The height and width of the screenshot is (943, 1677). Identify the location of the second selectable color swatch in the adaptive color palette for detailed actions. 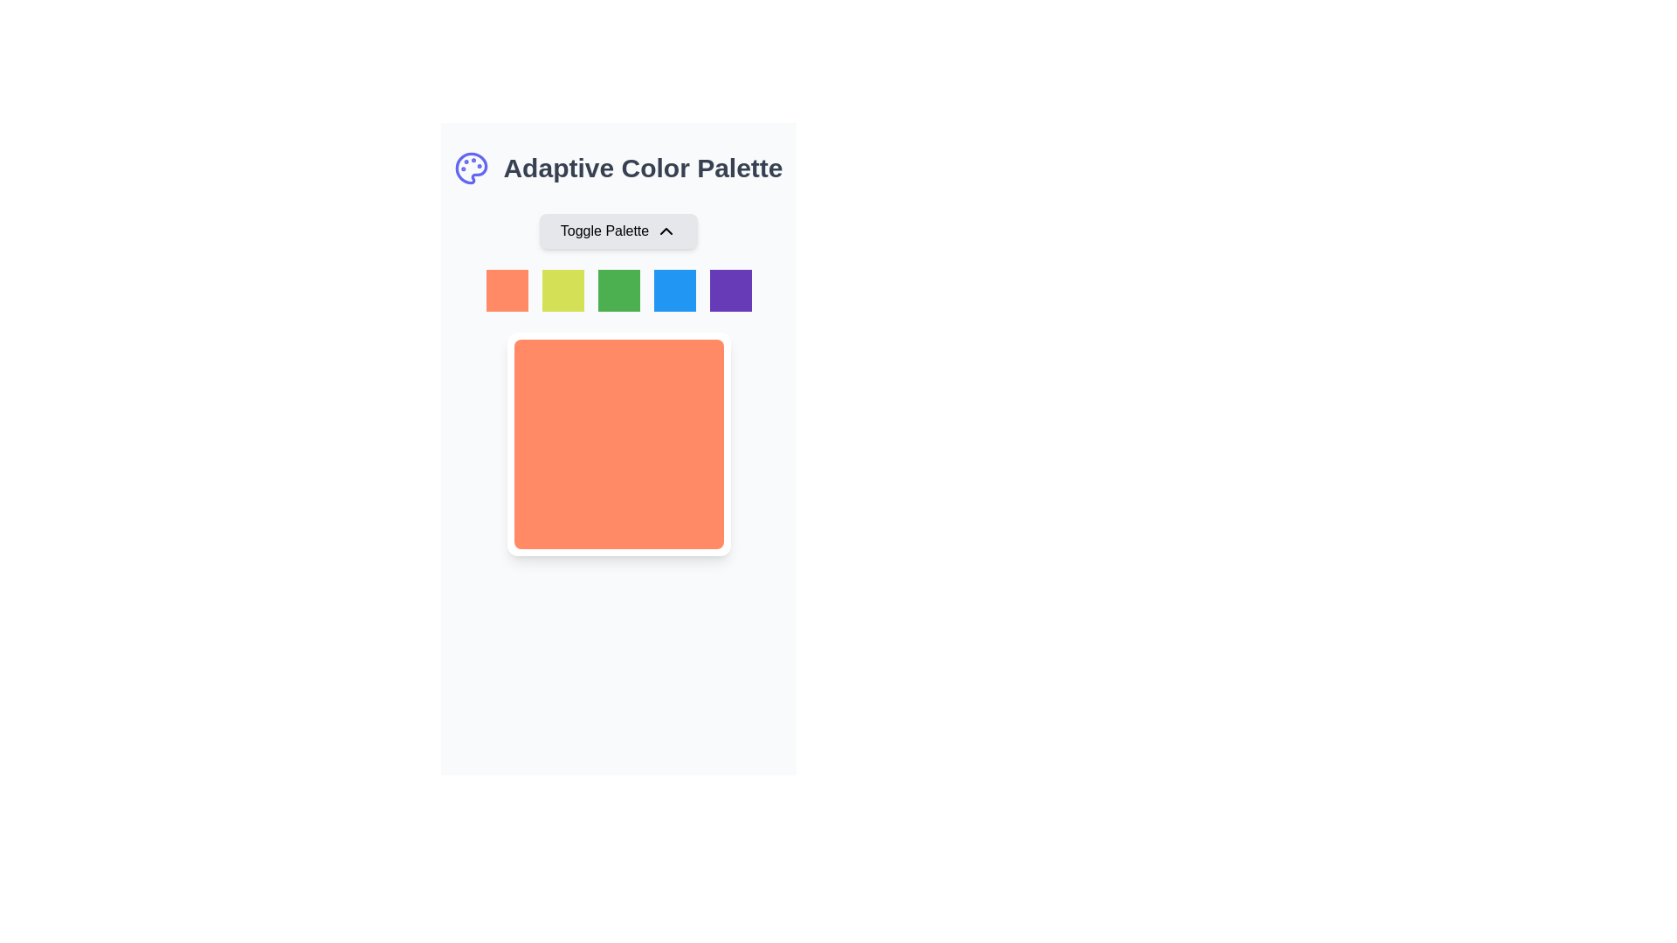
(562, 289).